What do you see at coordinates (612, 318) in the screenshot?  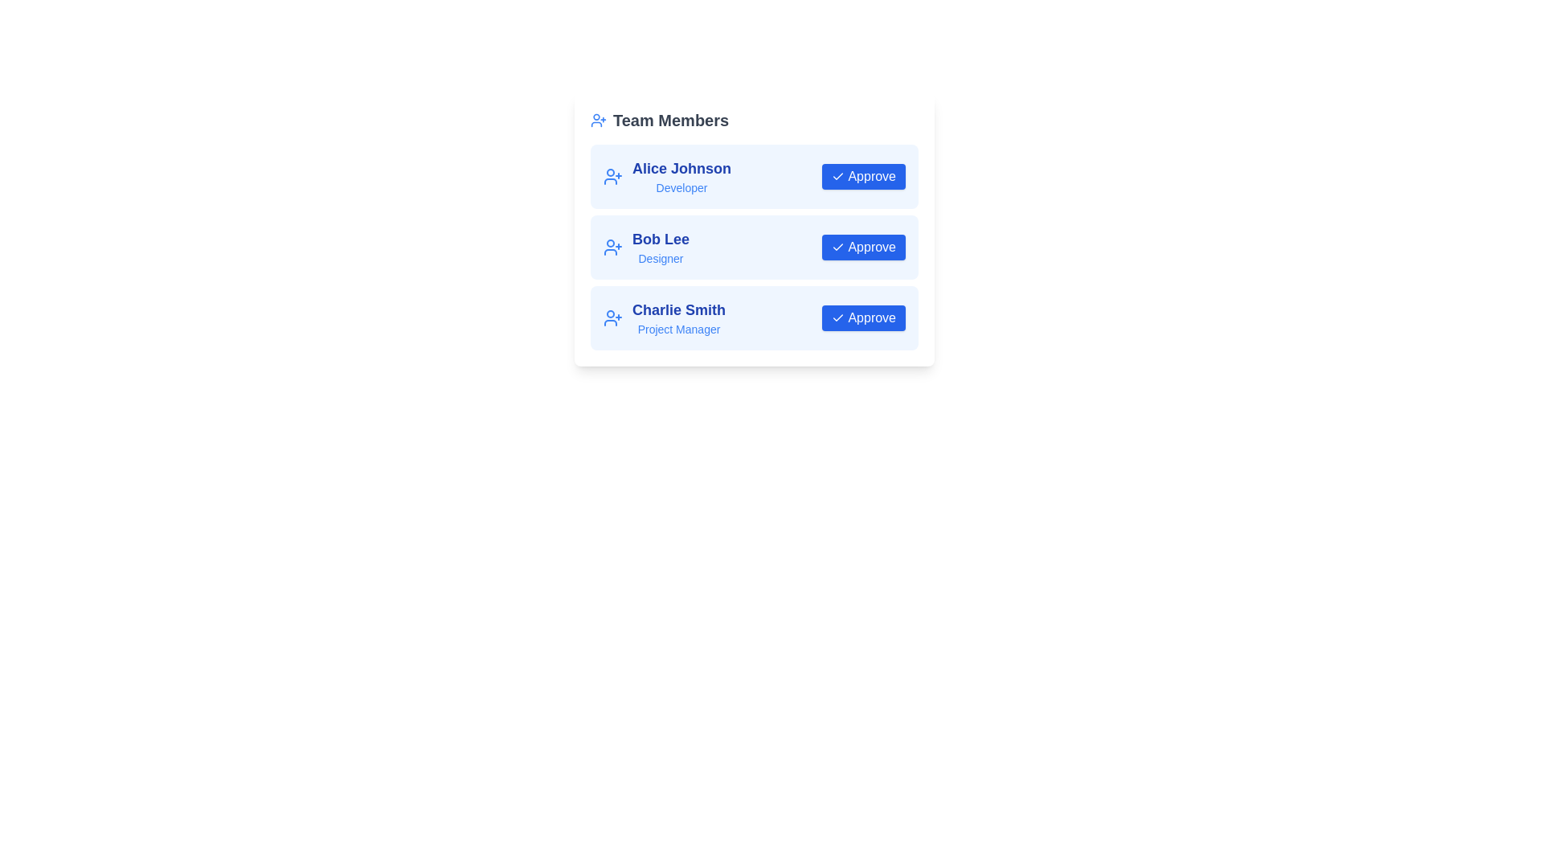 I see `the user silhouette icon with an addition symbol next to it, which is styled in blue and located on the 'Charlie Smith, Project Manager' card` at bounding box center [612, 318].